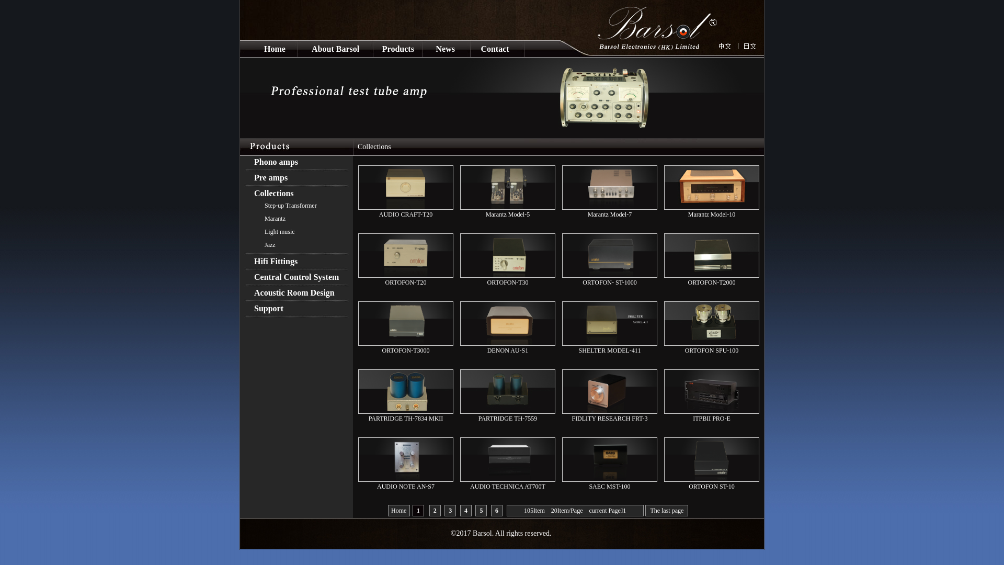  What do you see at coordinates (494, 48) in the screenshot?
I see `'Contact'` at bounding box center [494, 48].